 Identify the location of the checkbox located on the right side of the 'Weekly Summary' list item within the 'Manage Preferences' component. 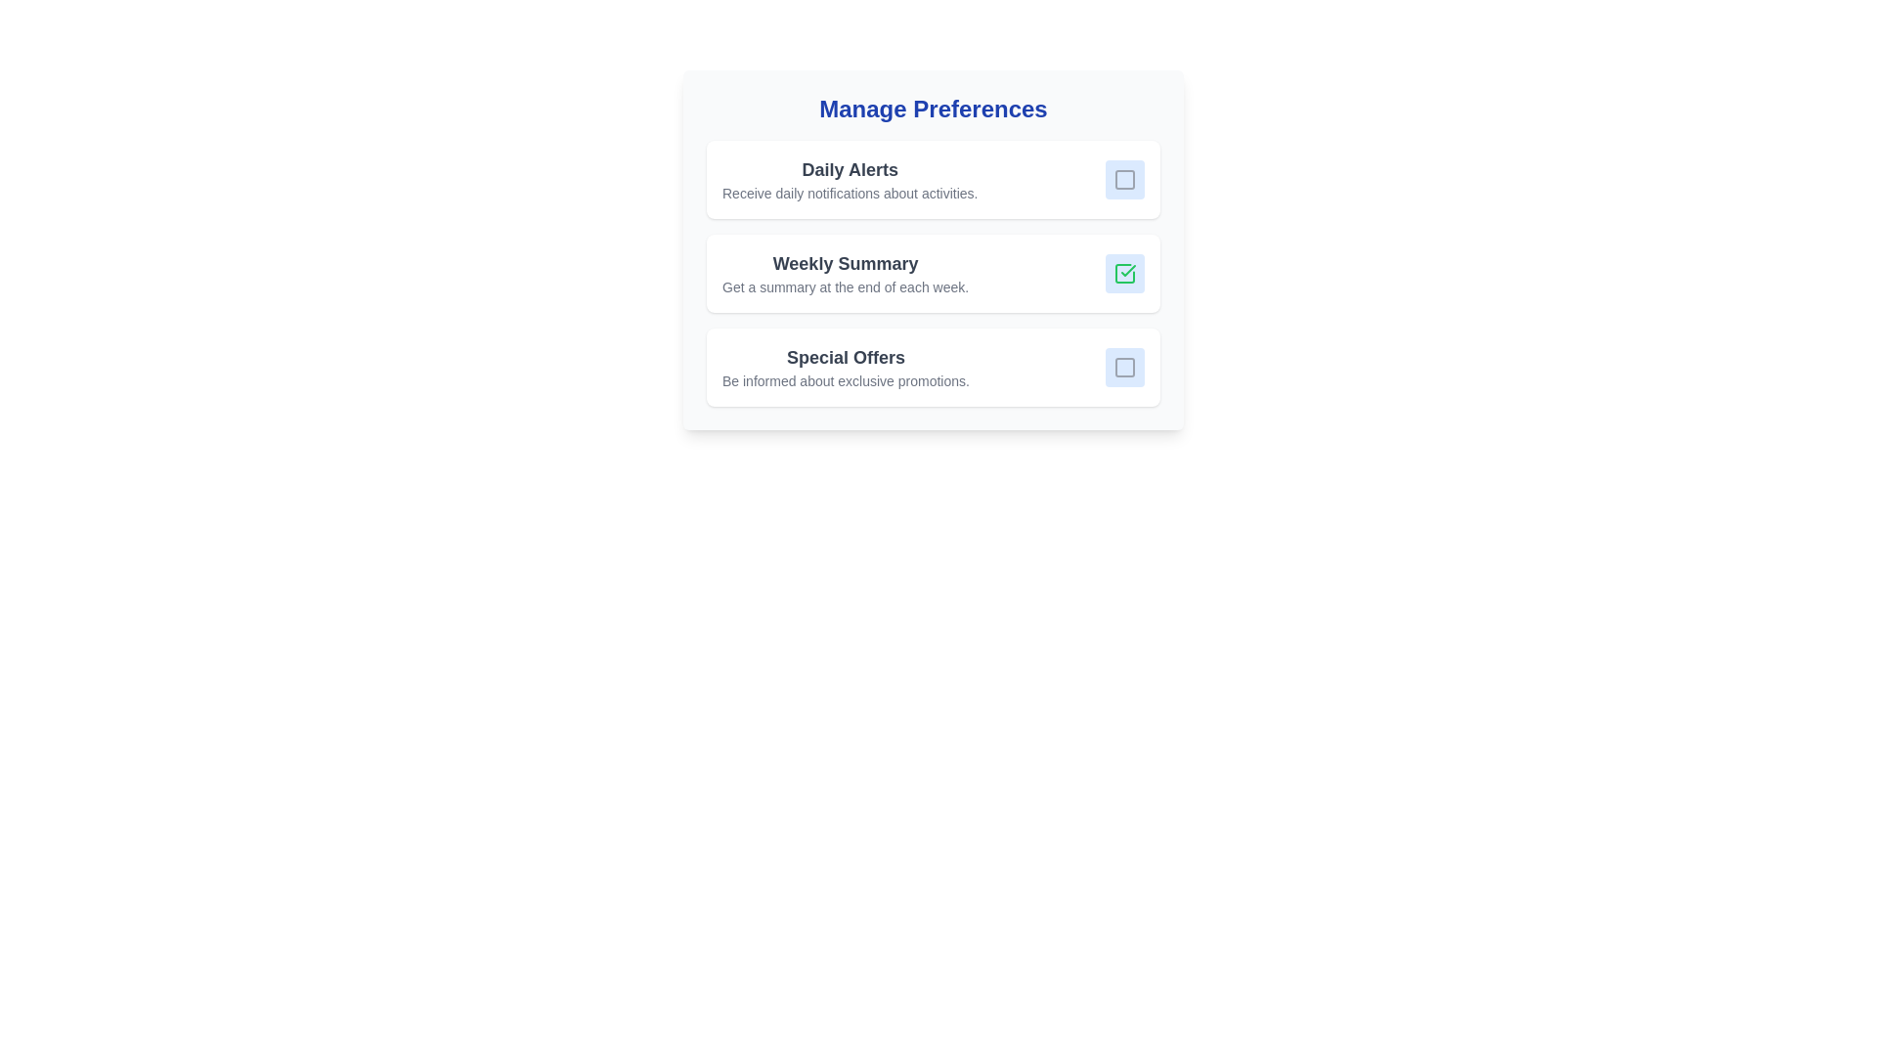
(933, 248).